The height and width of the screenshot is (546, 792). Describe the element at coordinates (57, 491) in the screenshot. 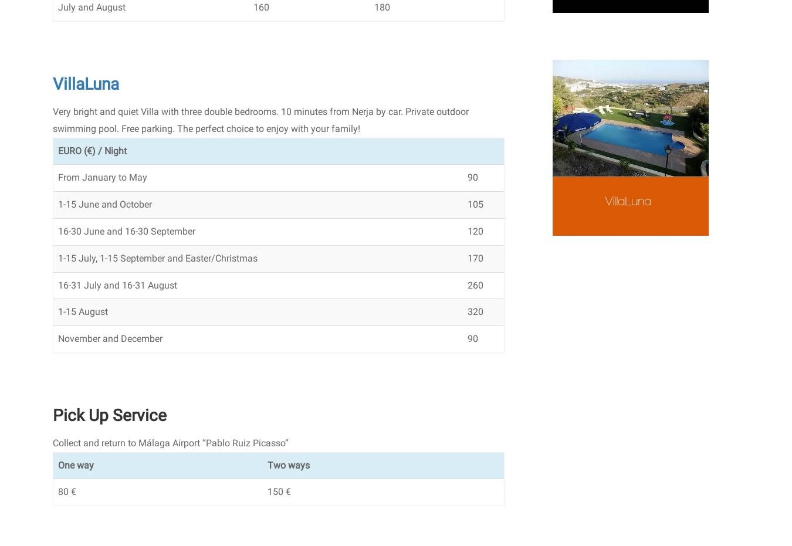

I see `'80 €'` at that location.